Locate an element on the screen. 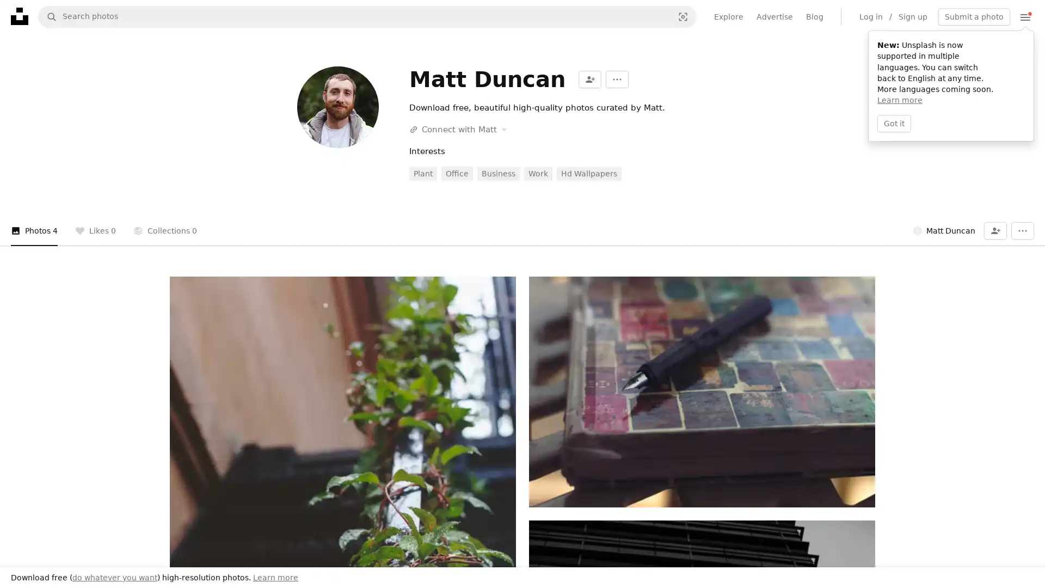 This screenshot has width=1045, height=588. Search Unsplash is located at coordinates (47, 16).